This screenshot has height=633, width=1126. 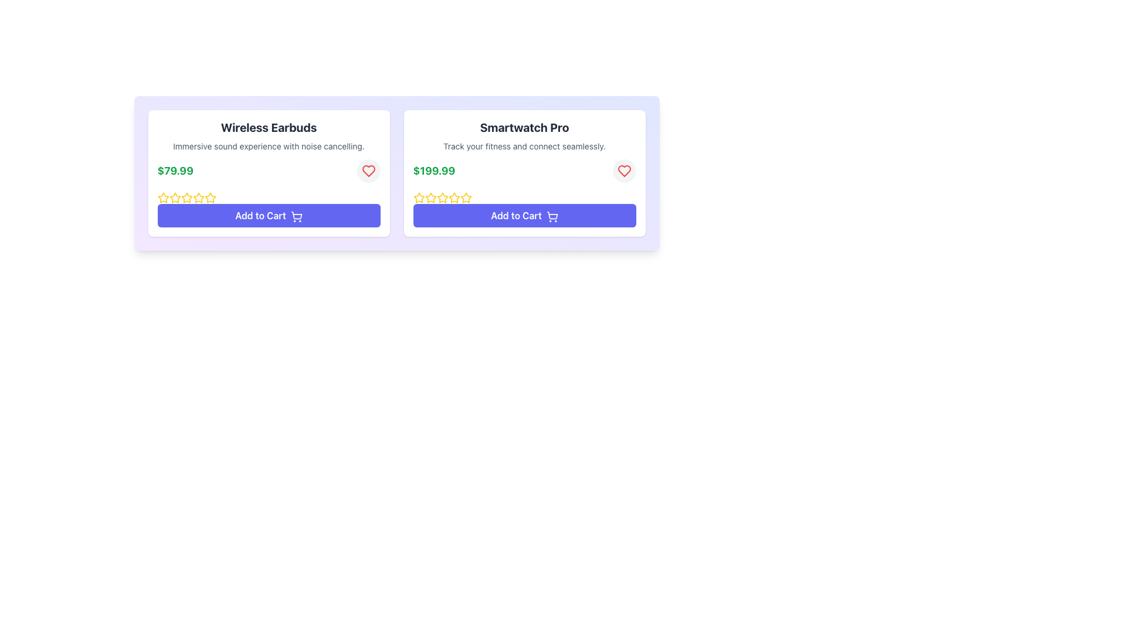 What do you see at coordinates (524, 128) in the screenshot?
I see `the prominent text label reading 'Smartwatch Pro', which is displayed in bold font at the top of the second product card` at bounding box center [524, 128].